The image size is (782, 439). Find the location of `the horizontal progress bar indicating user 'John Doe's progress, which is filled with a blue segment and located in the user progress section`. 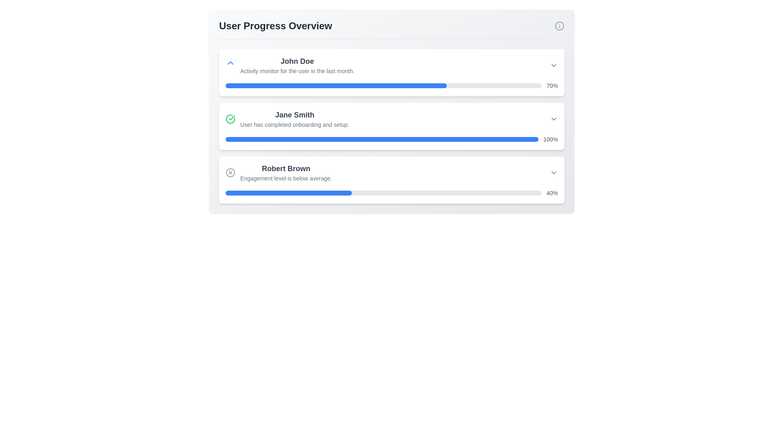

the horizontal progress bar indicating user 'John Doe's progress, which is filled with a blue segment and located in the user progress section is located at coordinates (383, 86).